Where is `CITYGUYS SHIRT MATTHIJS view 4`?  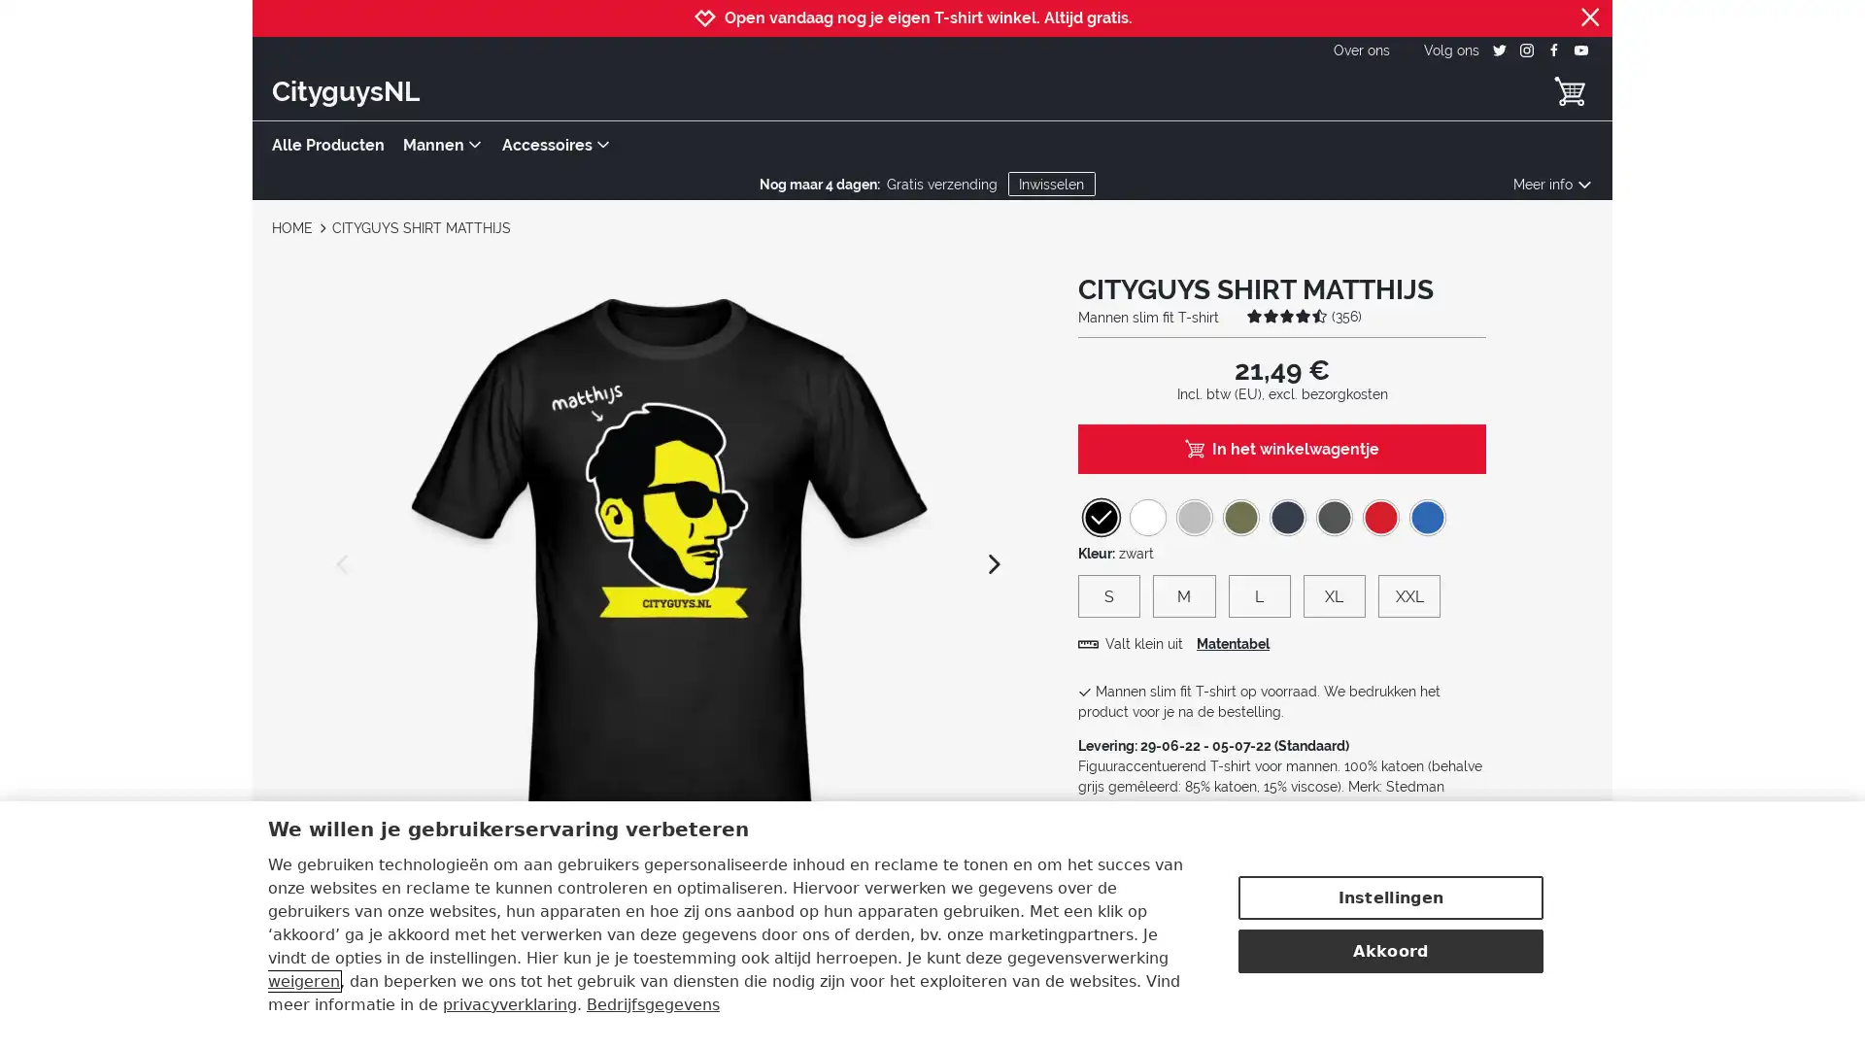
CITYGUYS SHIRT MATTHIJS view 4 is located at coordinates (748, 924).